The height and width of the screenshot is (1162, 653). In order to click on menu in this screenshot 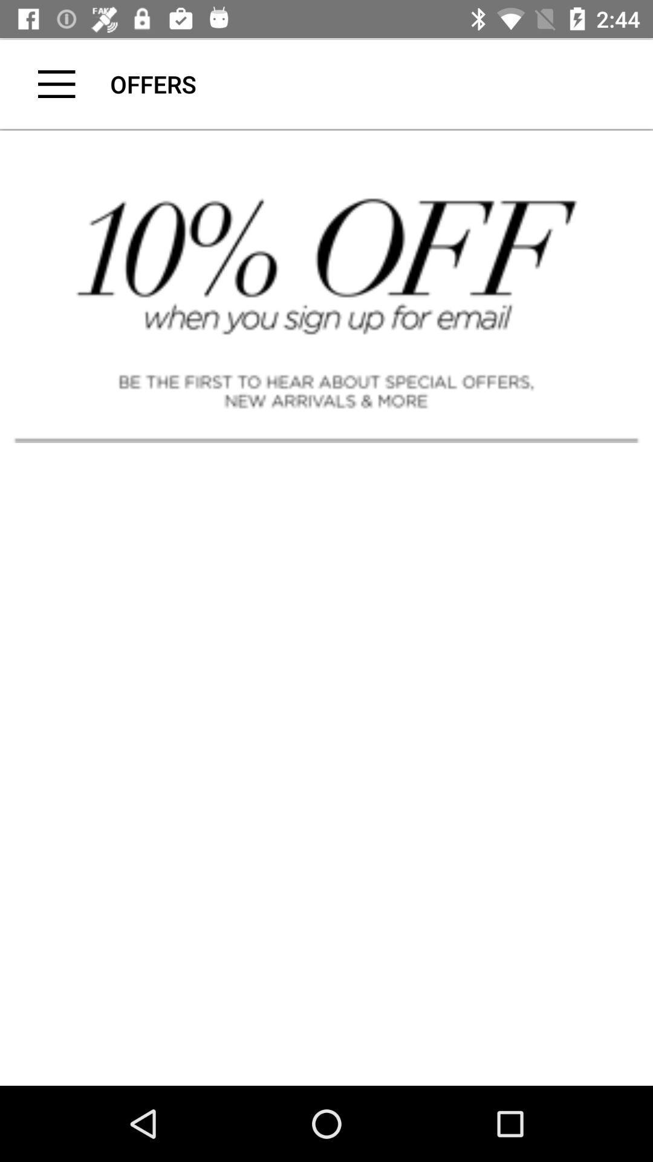, I will do `click(56, 84)`.